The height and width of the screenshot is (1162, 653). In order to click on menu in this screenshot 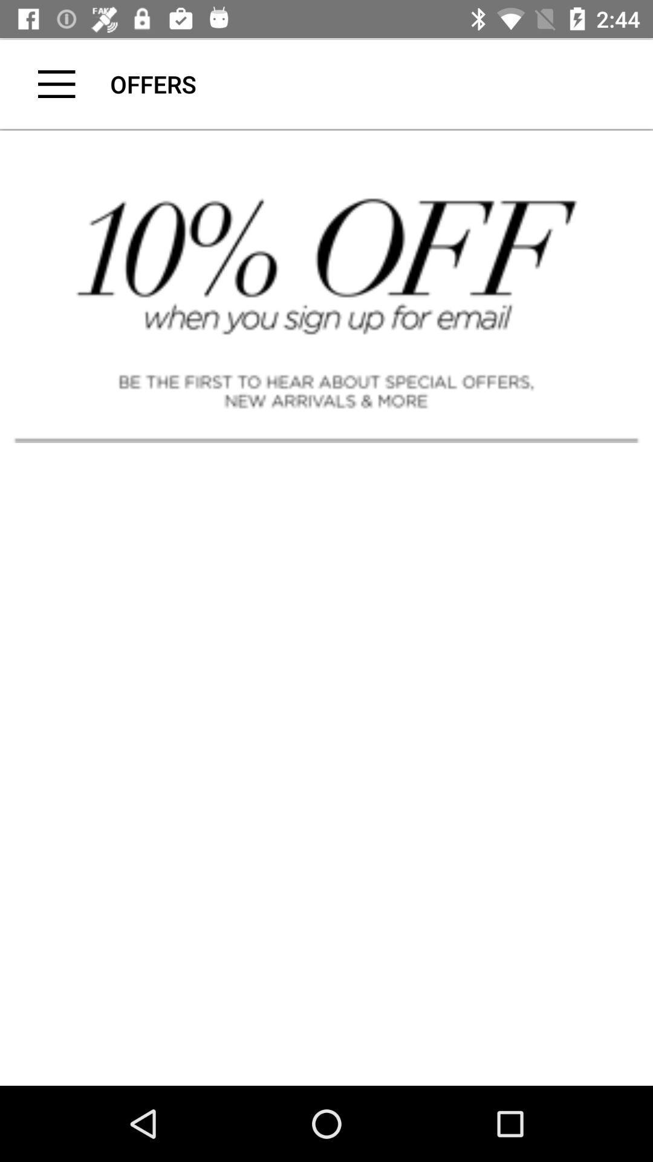, I will do `click(56, 84)`.